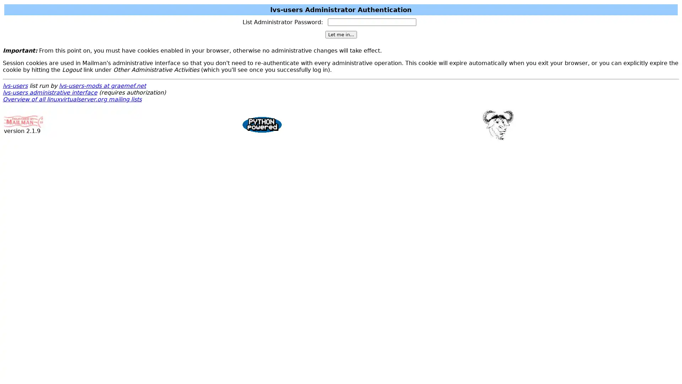 This screenshot has width=682, height=384. Describe the element at coordinates (340, 34) in the screenshot. I see `Let me in...` at that location.